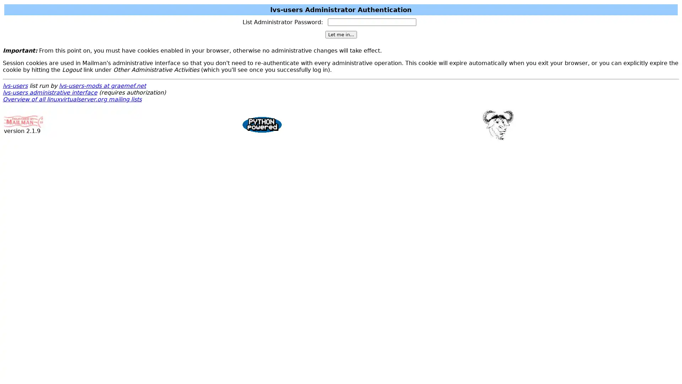 This screenshot has width=682, height=384. Describe the element at coordinates (340, 34) in the screenshot. I see `Let me in...` at that location.